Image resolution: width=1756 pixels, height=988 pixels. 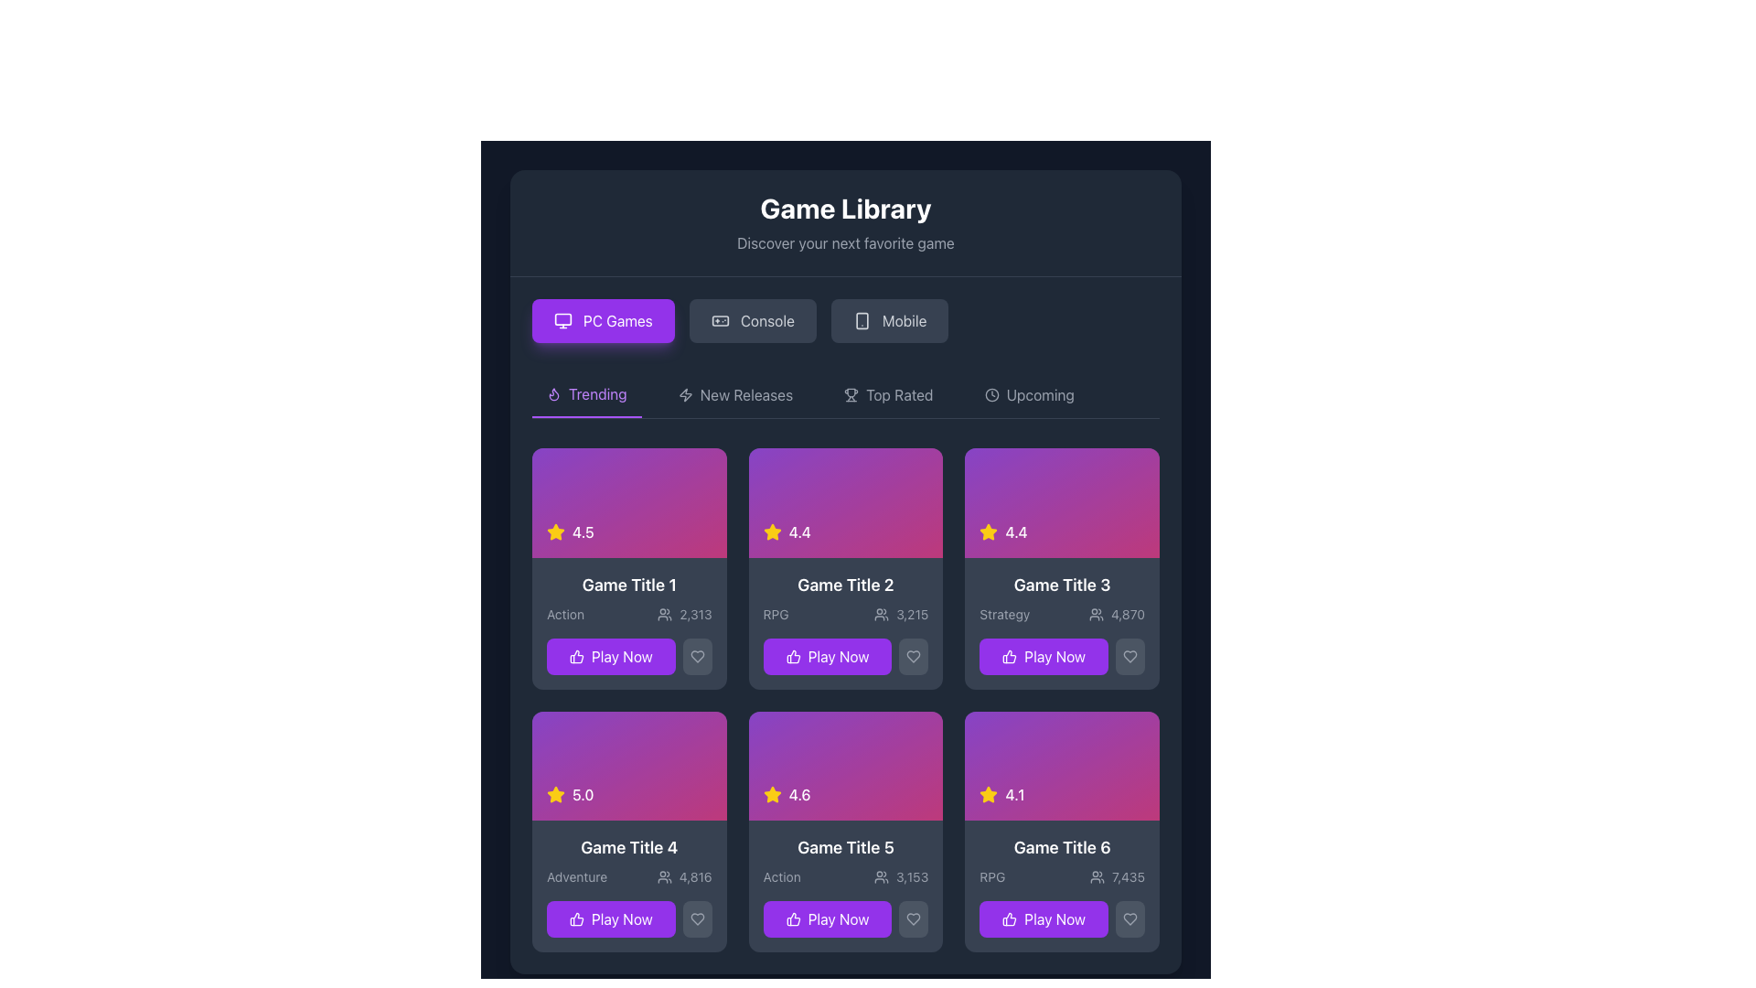 What do you see at coordinates (1130, 919) in the screenshot?
I see `the heart-shaped icon button in the bottom-right corner of the 'Game Title 6' card` at bounding box center [1130, 919].